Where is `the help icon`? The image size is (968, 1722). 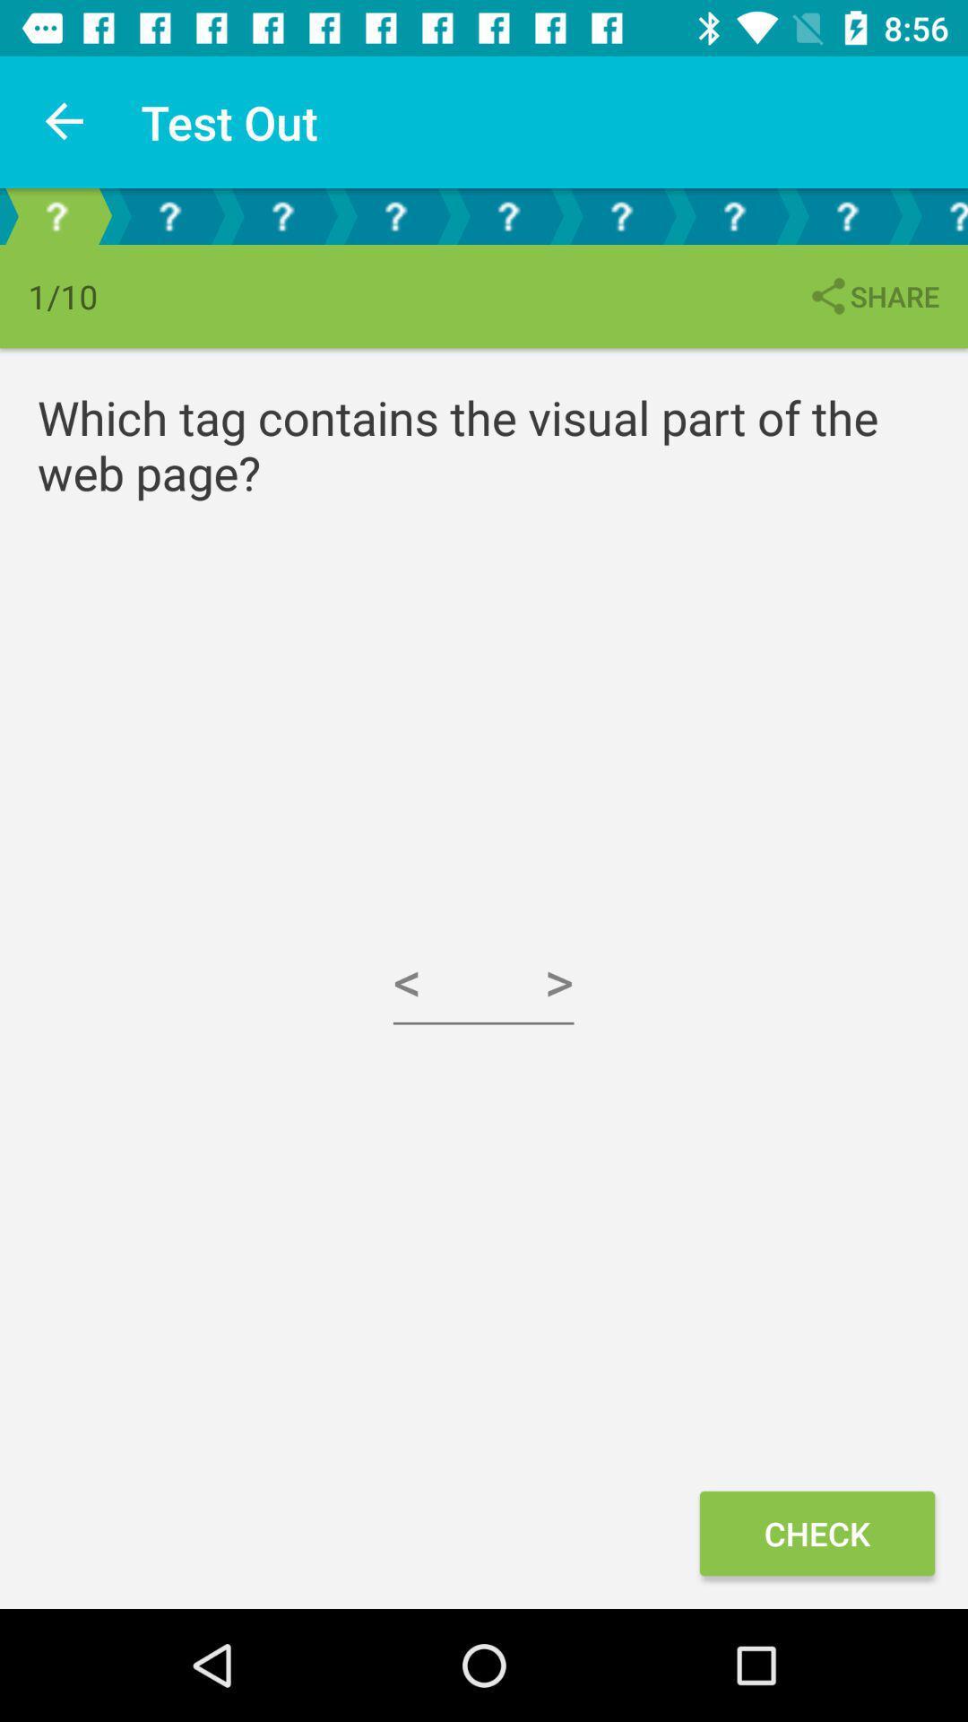
the help icon is located at coordinates (393, 215).